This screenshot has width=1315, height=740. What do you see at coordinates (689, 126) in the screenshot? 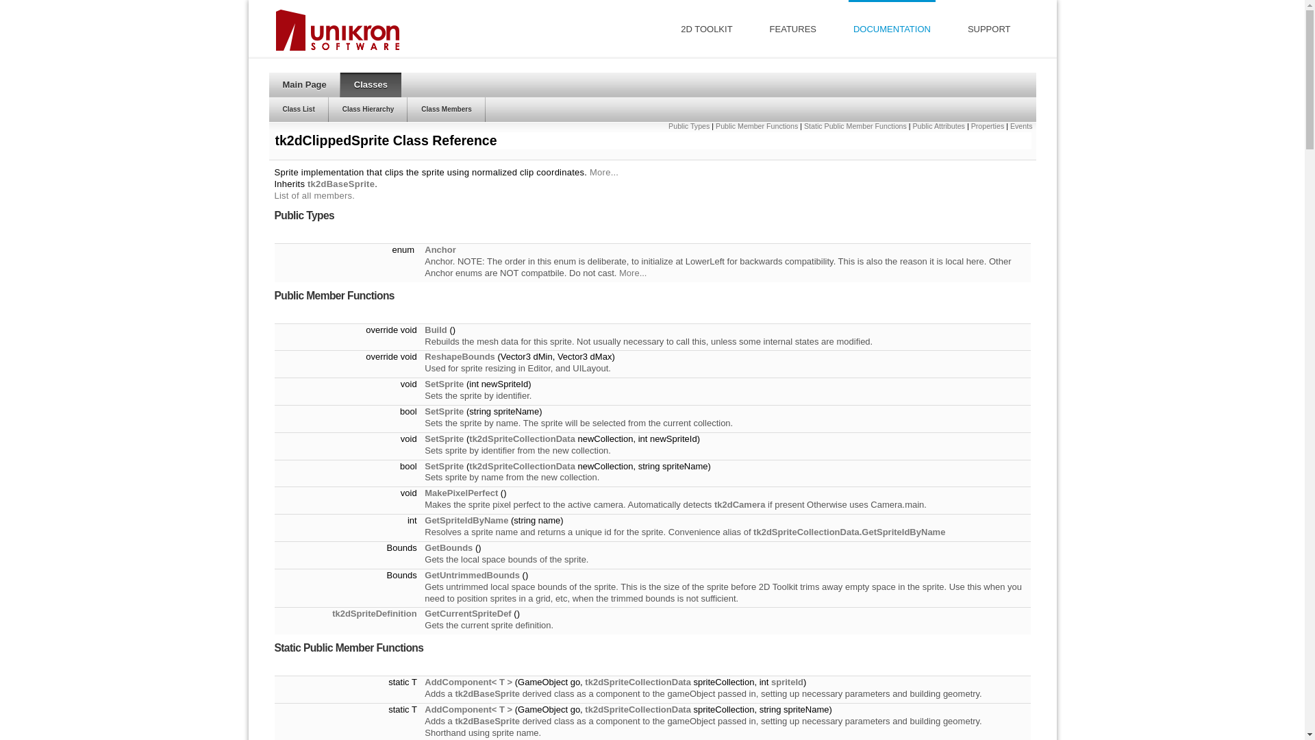
I see `'Public Types'` at bounding box center [689, 126].